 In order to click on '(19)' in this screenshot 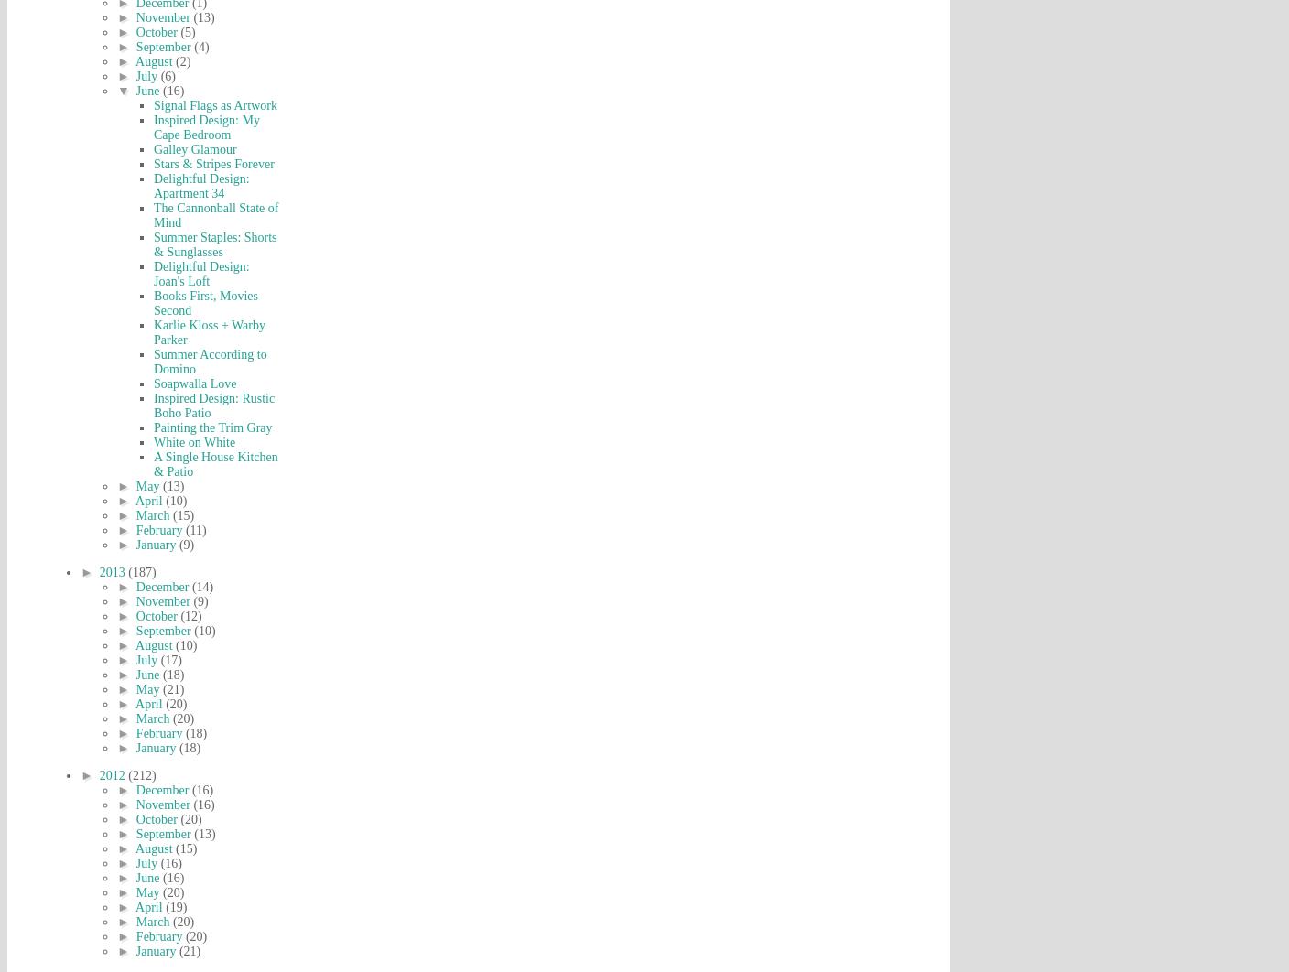, I will do `click(175, 906)`.